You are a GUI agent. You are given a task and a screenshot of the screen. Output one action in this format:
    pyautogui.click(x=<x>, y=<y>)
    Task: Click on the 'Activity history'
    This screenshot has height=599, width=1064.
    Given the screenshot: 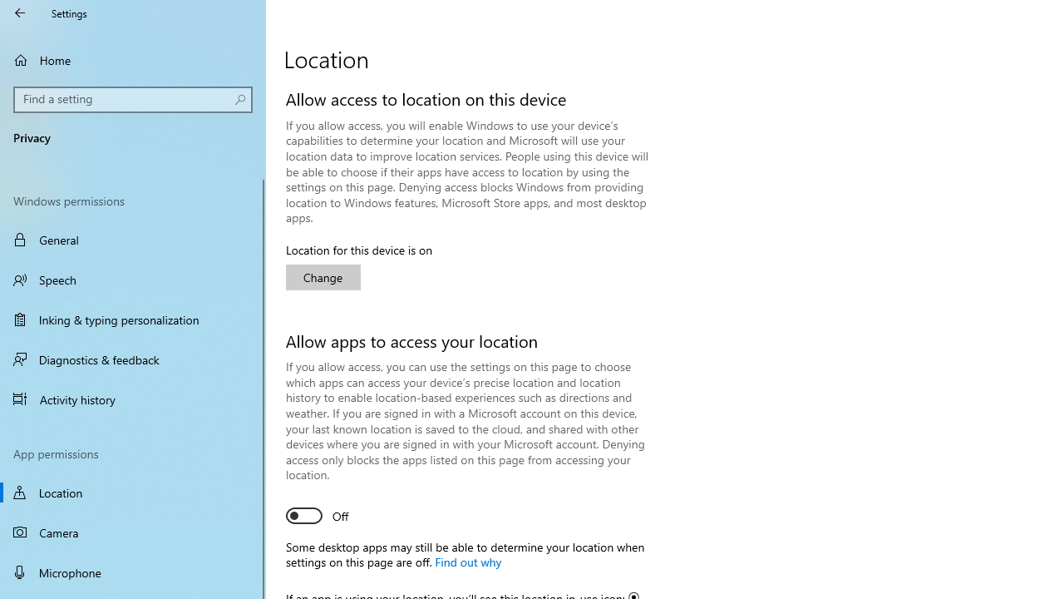 What is the action you would take?
    pyautogui.click(x=133, y=399)
    